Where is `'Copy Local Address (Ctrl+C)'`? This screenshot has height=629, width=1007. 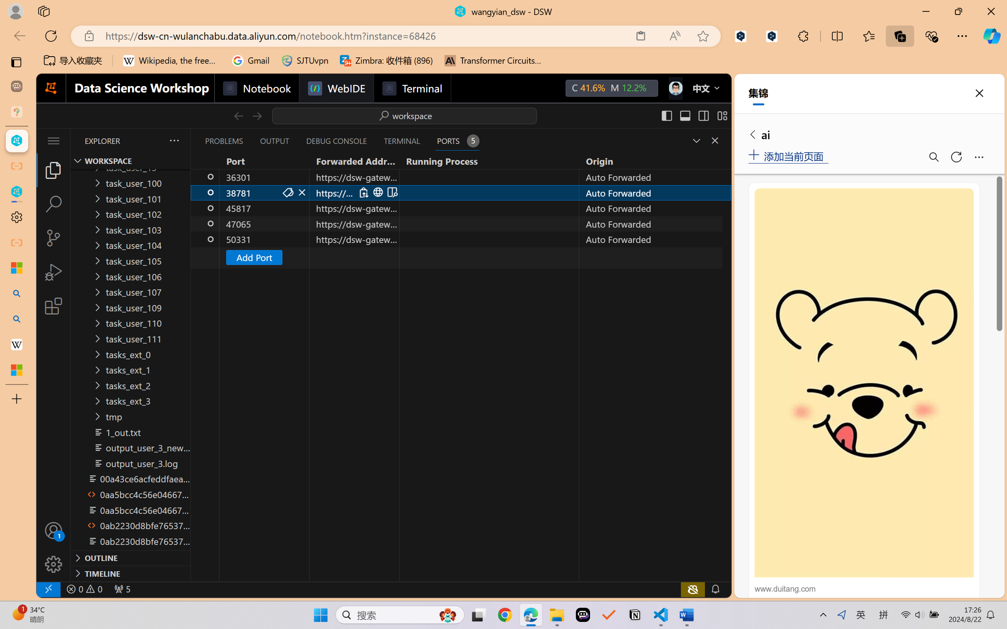 'Copy Local Address (Ctrl+C)' is located at coordinates (363, 192).